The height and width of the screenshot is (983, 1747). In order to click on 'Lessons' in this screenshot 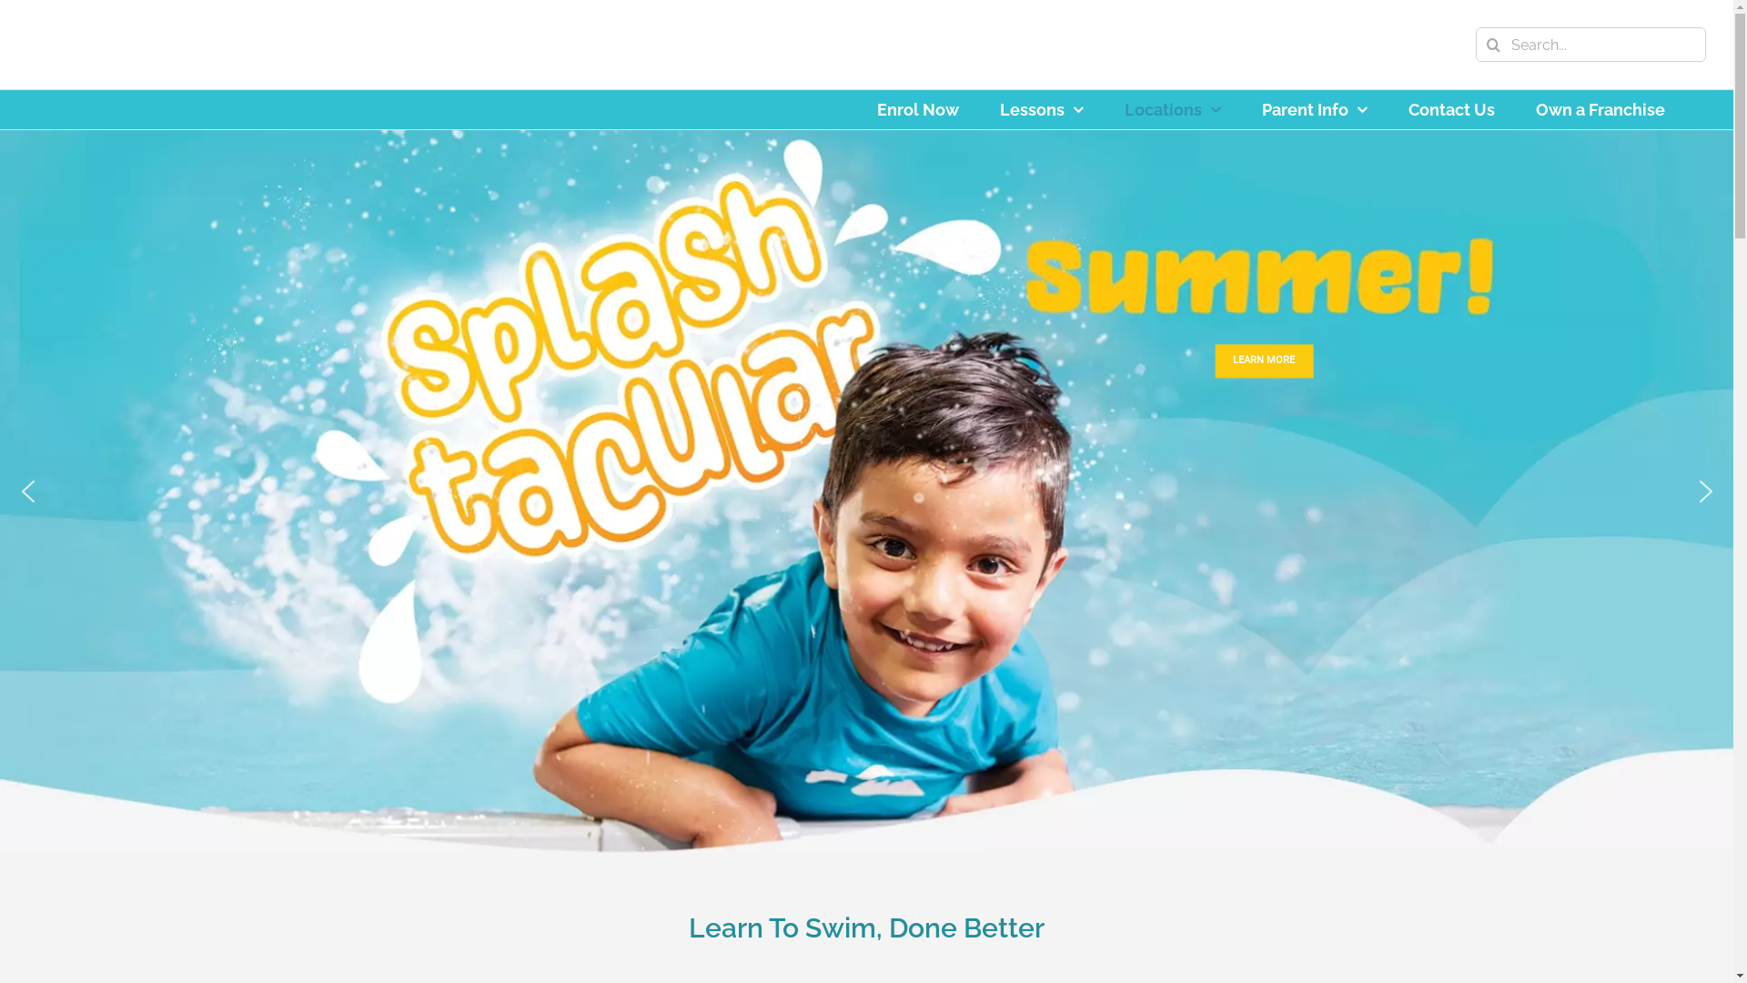, I will do `click(1042, 109)`.